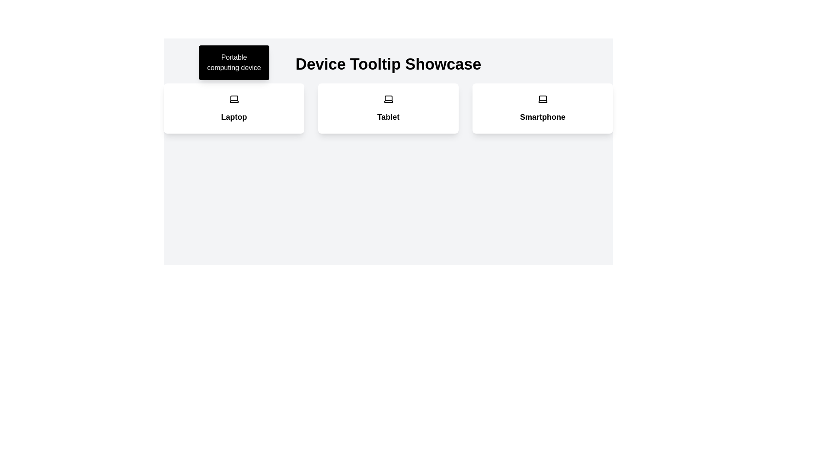  Describe the element at coordinates (234, 117) in the screenshot. I see `the text label indicating the device type 'Laptop', which is positioned at the bottom of a rounded, shadowed card layout, directly below a laptop icon` at that location.